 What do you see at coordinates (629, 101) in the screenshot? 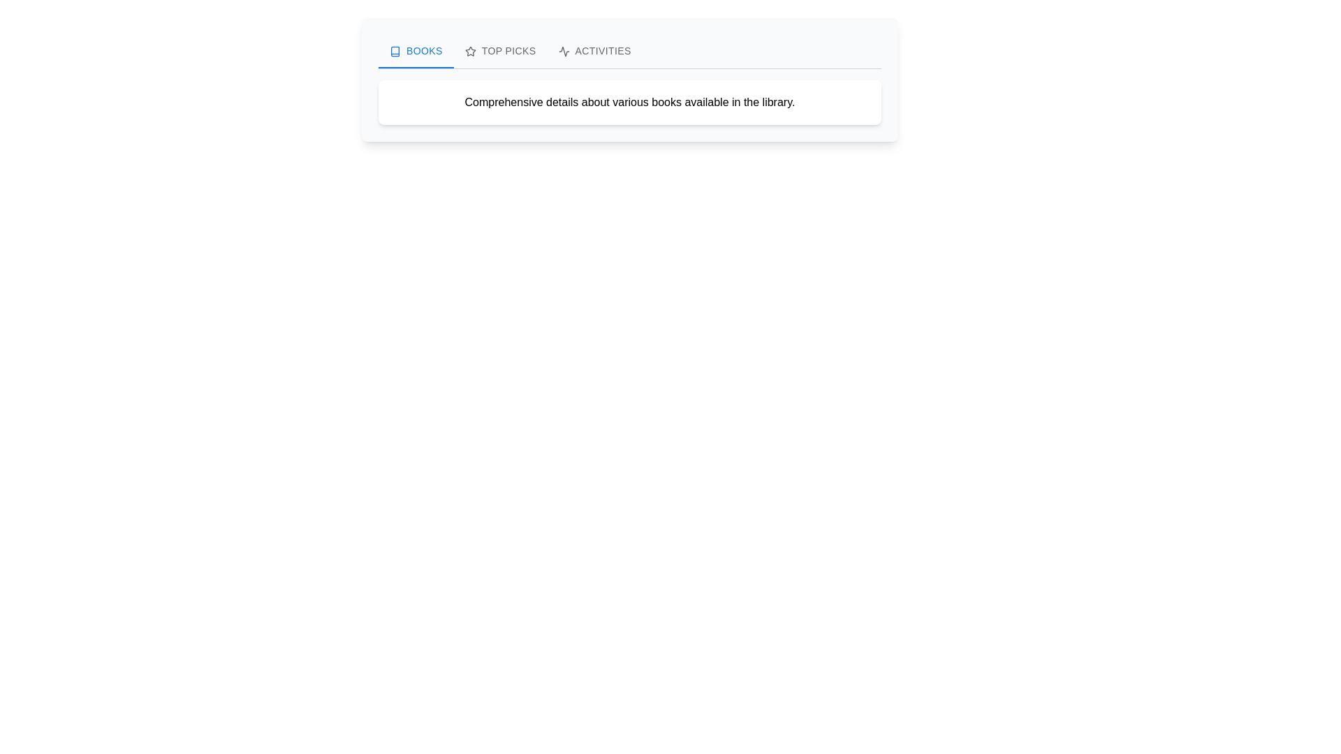
I see `the static text element displaying 'Comprehensive details about various books available in the library.' located in the top-center area below the navigation bar` at bounding box center [629, 101].